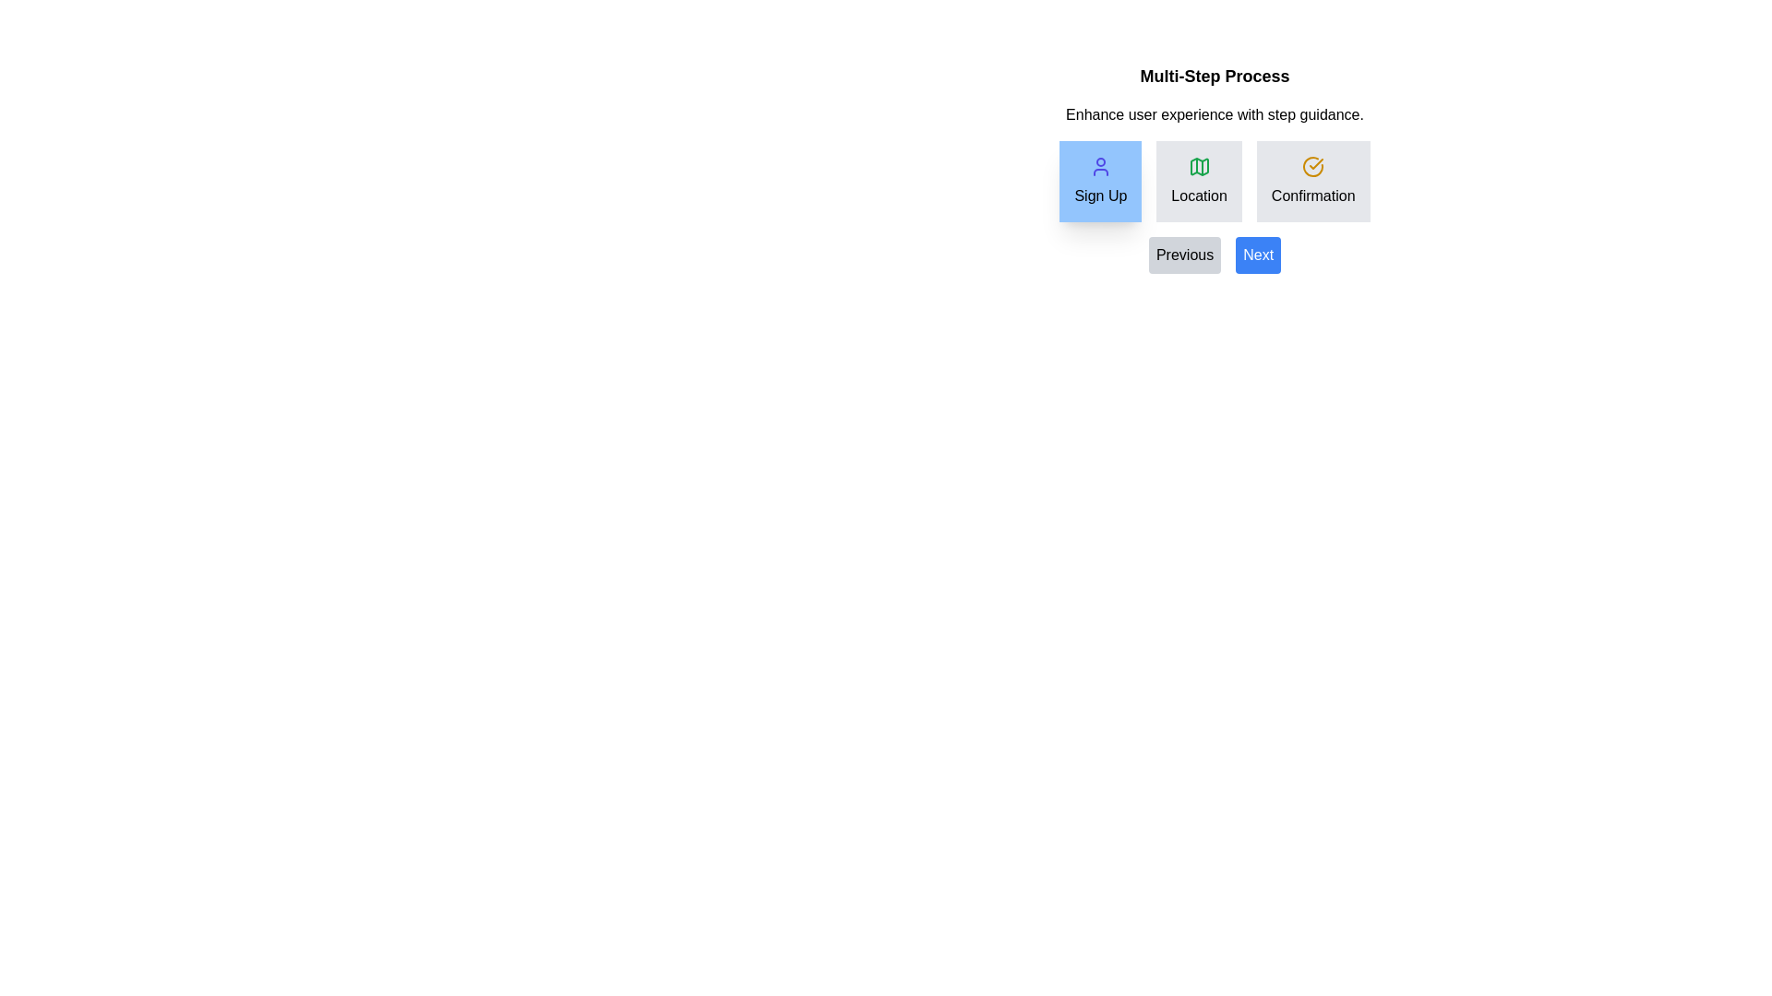 This screenshot has height=996, width=1772. I want to click on the third button from the left in a horizontal row of three buttons located in the top right portion of the interface, which indicates the current or next step in a multi-step process, so click(1312, 181).